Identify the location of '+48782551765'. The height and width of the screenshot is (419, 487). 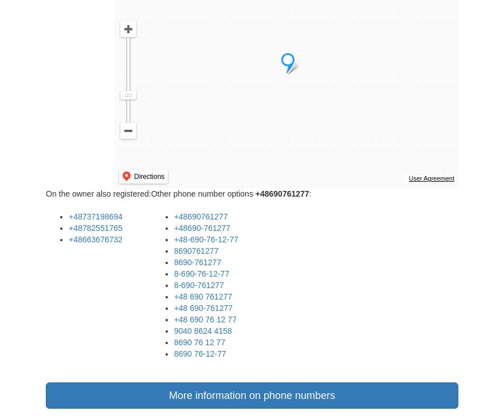
(95, 228).